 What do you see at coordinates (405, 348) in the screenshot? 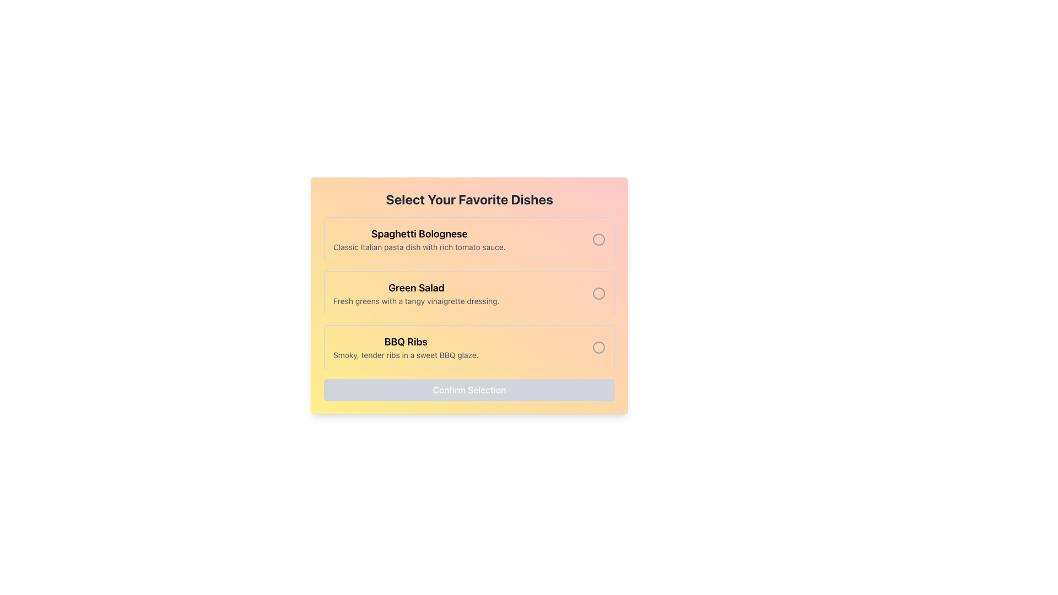
I see `text displayed in the second item of the selectable options list, which states 'BBQ Ribs' and its description 'Smoky, tender ribs in a sweet BBQ glaze.'` at bounding box center [405, 348].